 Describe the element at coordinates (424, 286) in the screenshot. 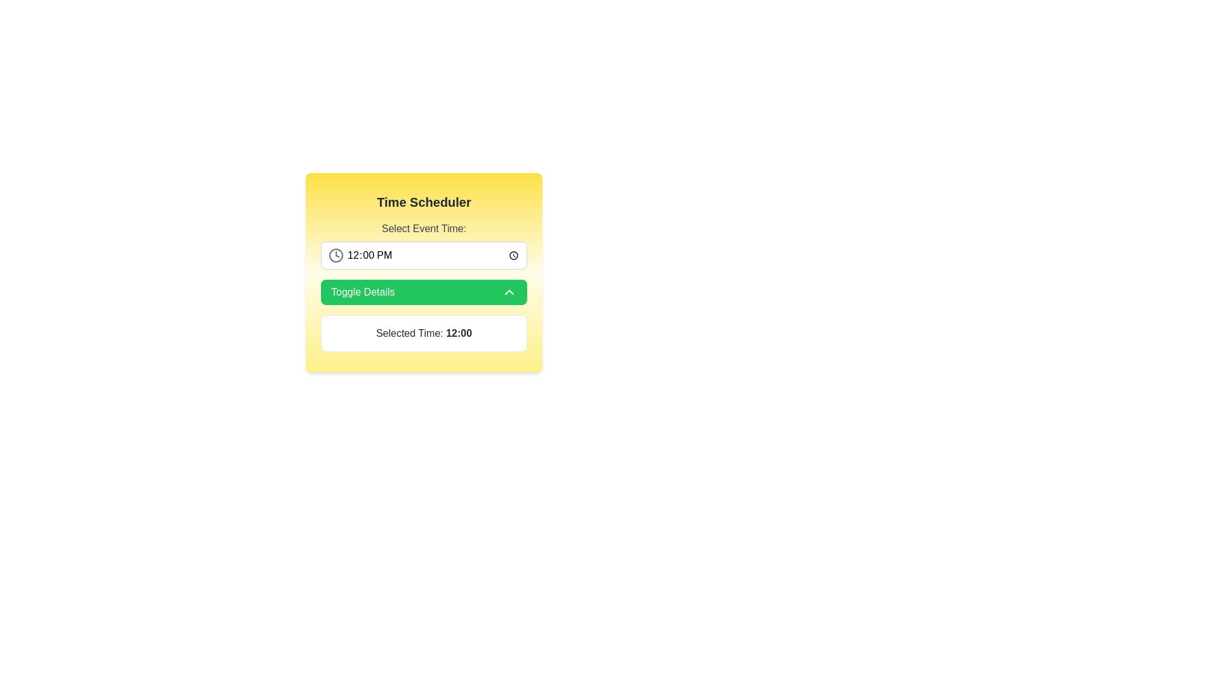

I see `the button that toggles the visibility of additional details related to the selected event time, located under the 'Time Scheduler' heading, between the 'Select Event Time:' input field and the 'Selected Time: 12:00' box` at that location.